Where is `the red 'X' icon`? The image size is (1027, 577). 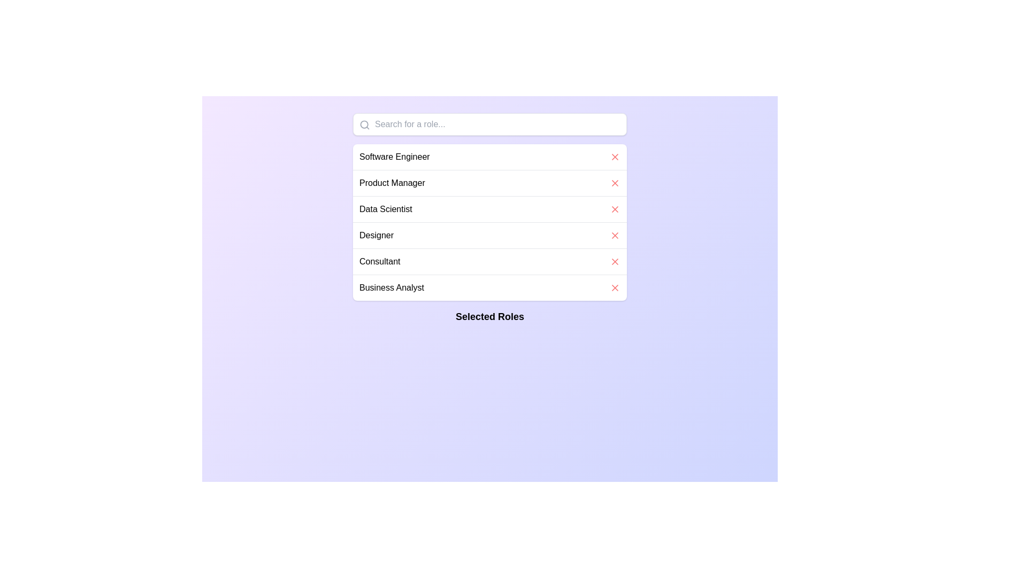
the red 'X' icon is located at coordinates (615, 183).